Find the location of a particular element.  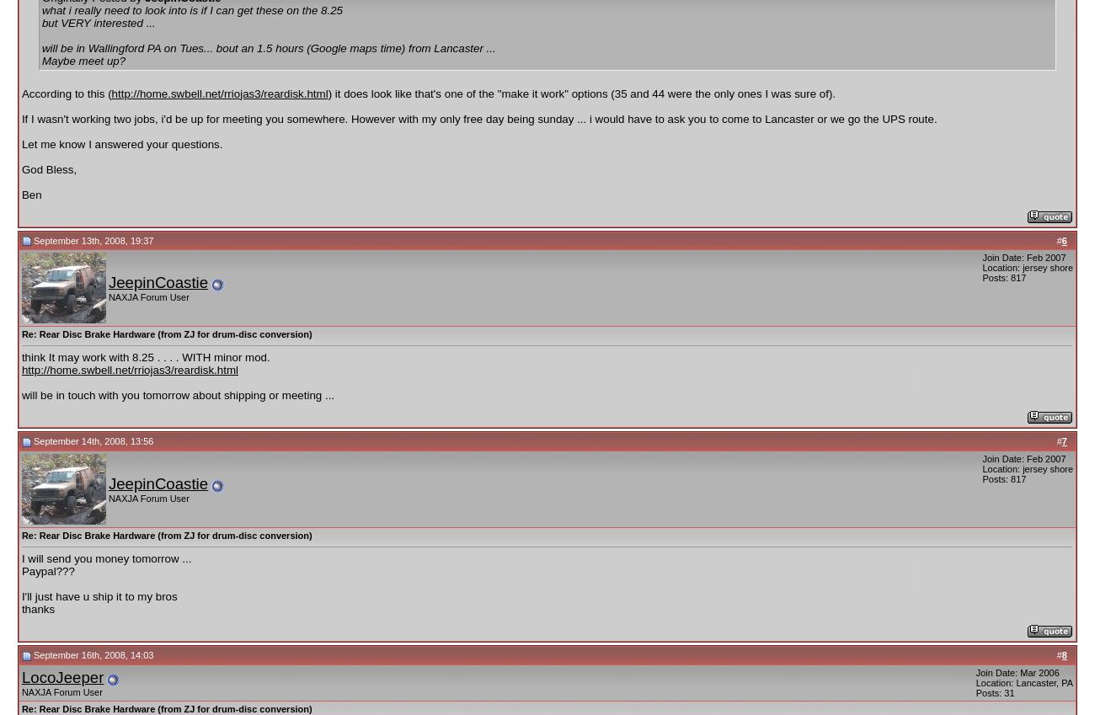

'Maybe meet up?' is located at coordinates (83, 60).